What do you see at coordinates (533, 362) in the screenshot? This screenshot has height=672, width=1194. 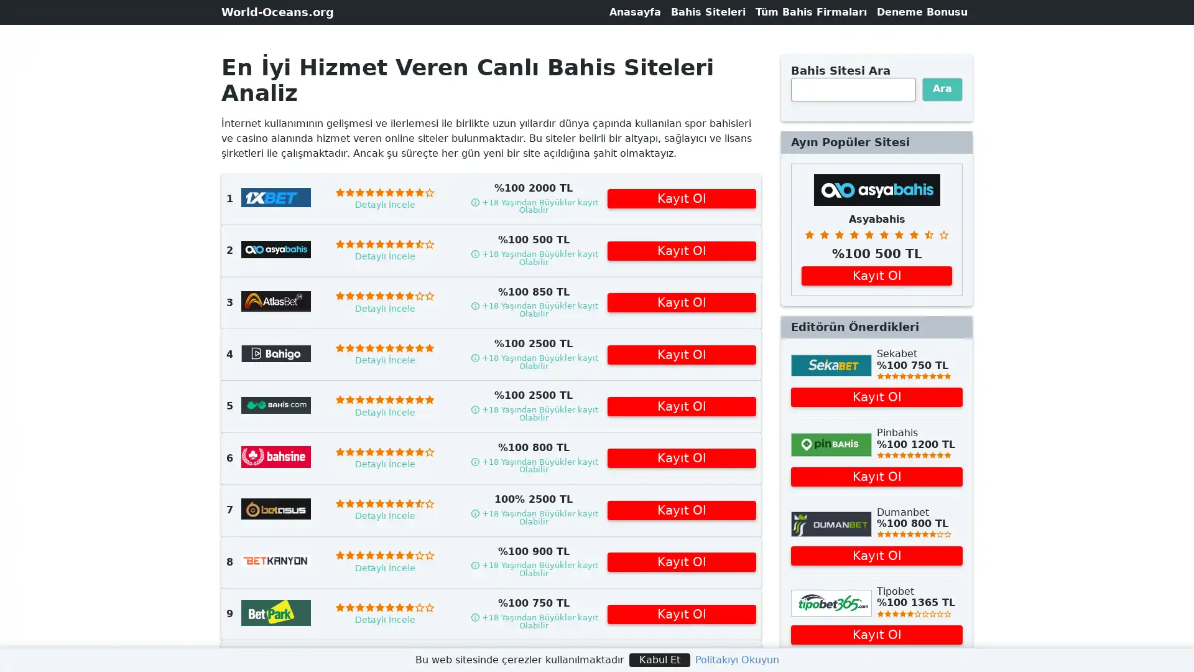 I see `Load terms and conditions` at bounding box center [533, 362].